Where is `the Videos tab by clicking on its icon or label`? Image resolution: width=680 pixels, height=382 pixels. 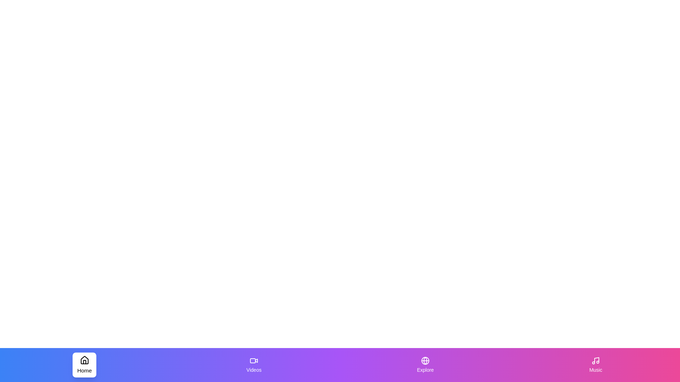
the Videos tab by clicking on its icon or label is located at coordinates (254, 365).